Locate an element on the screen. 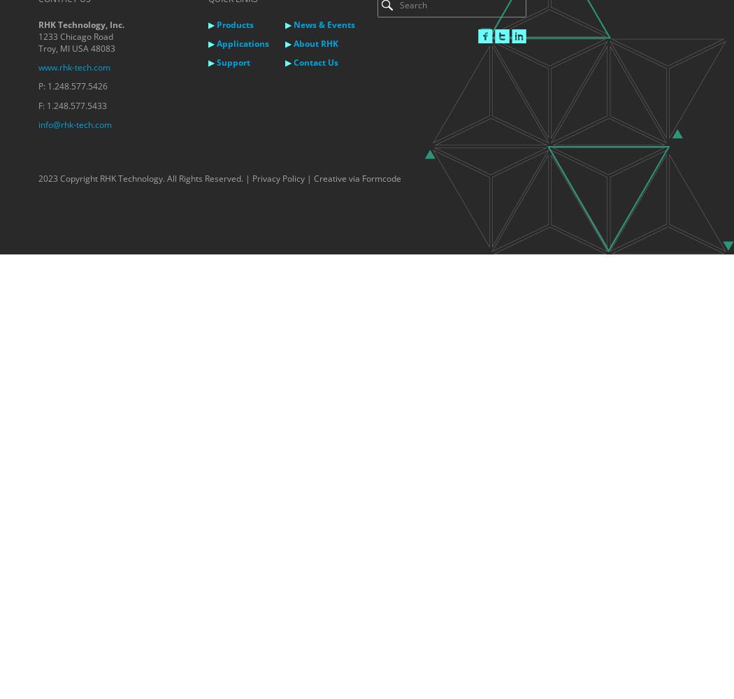 This screenshot has width=734, height=699. 'About RHK' is located at coordinates (315, 43).